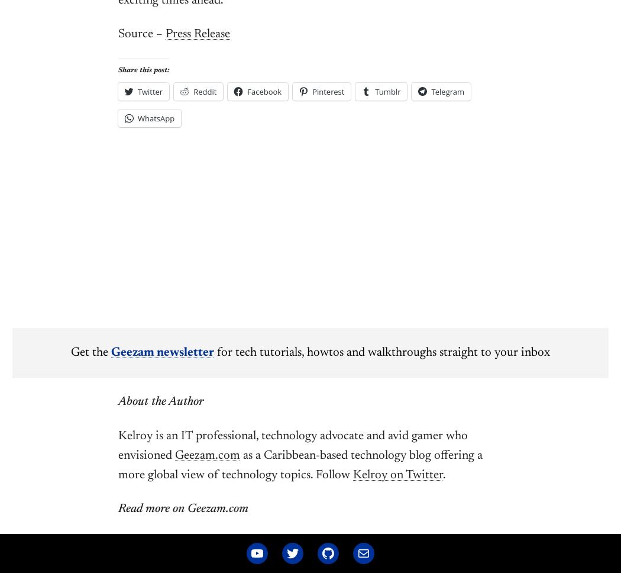  Describe the element at coordinates (91, 353) in the screenshot. I see `'Get the'` at that location.